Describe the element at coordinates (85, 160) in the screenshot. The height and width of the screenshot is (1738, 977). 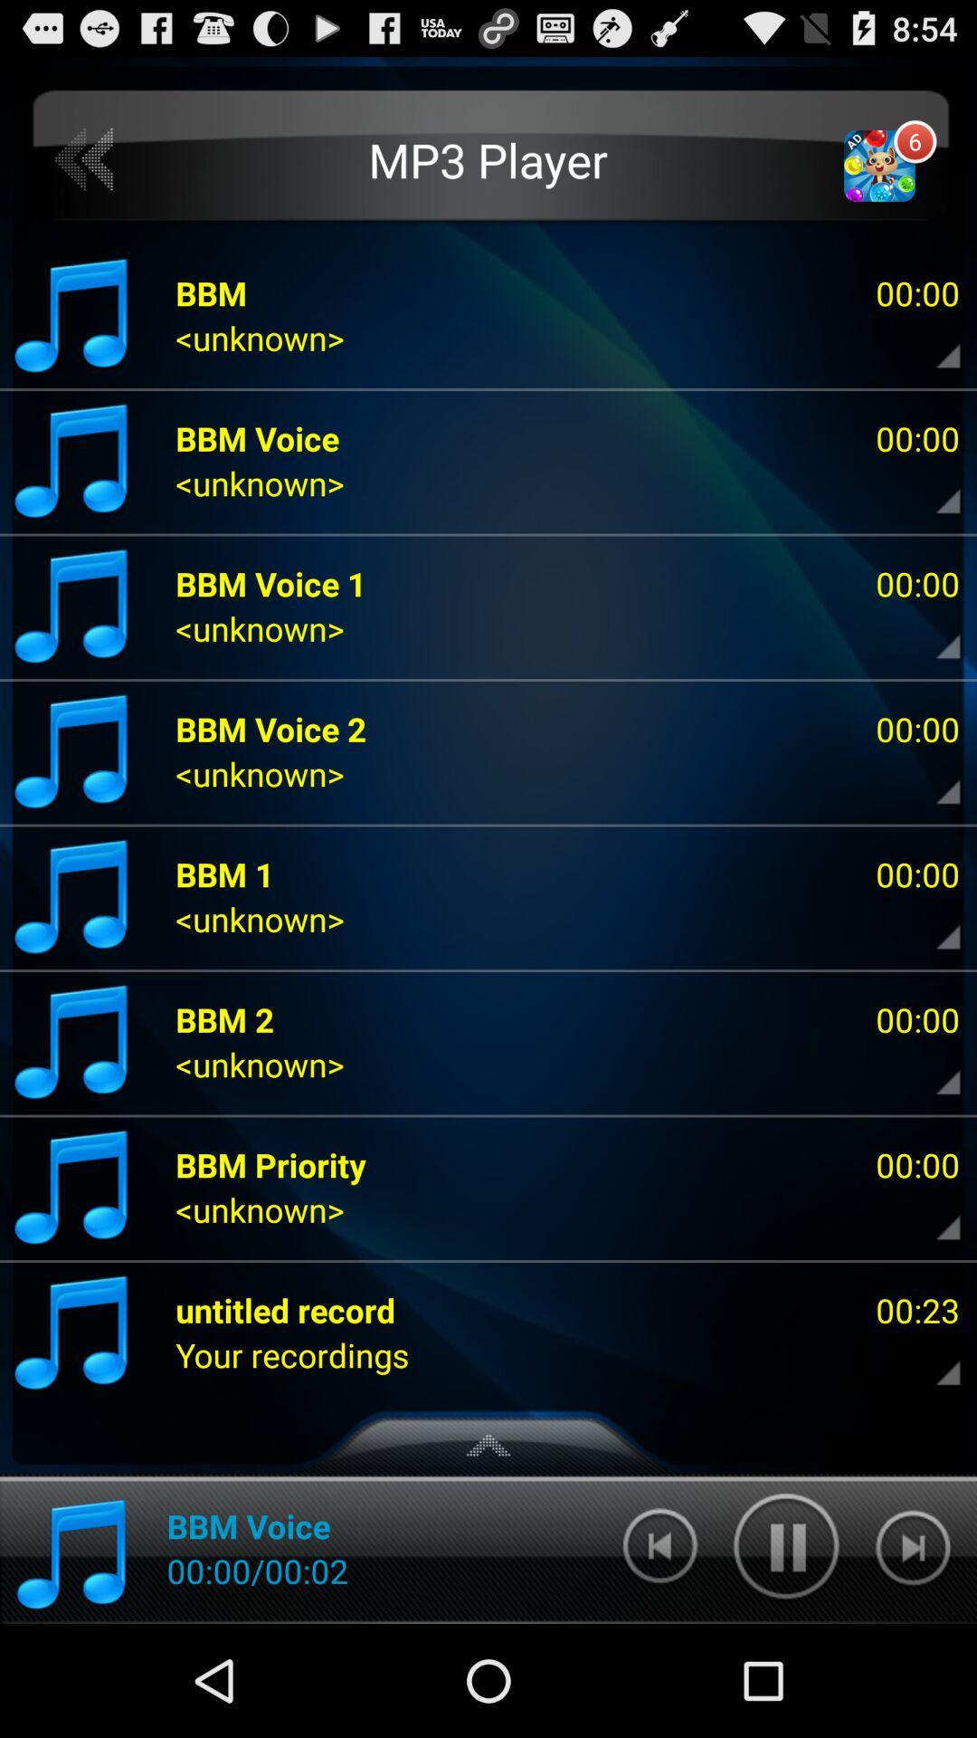
I see `the icon next to the mp3 player item` at that location.